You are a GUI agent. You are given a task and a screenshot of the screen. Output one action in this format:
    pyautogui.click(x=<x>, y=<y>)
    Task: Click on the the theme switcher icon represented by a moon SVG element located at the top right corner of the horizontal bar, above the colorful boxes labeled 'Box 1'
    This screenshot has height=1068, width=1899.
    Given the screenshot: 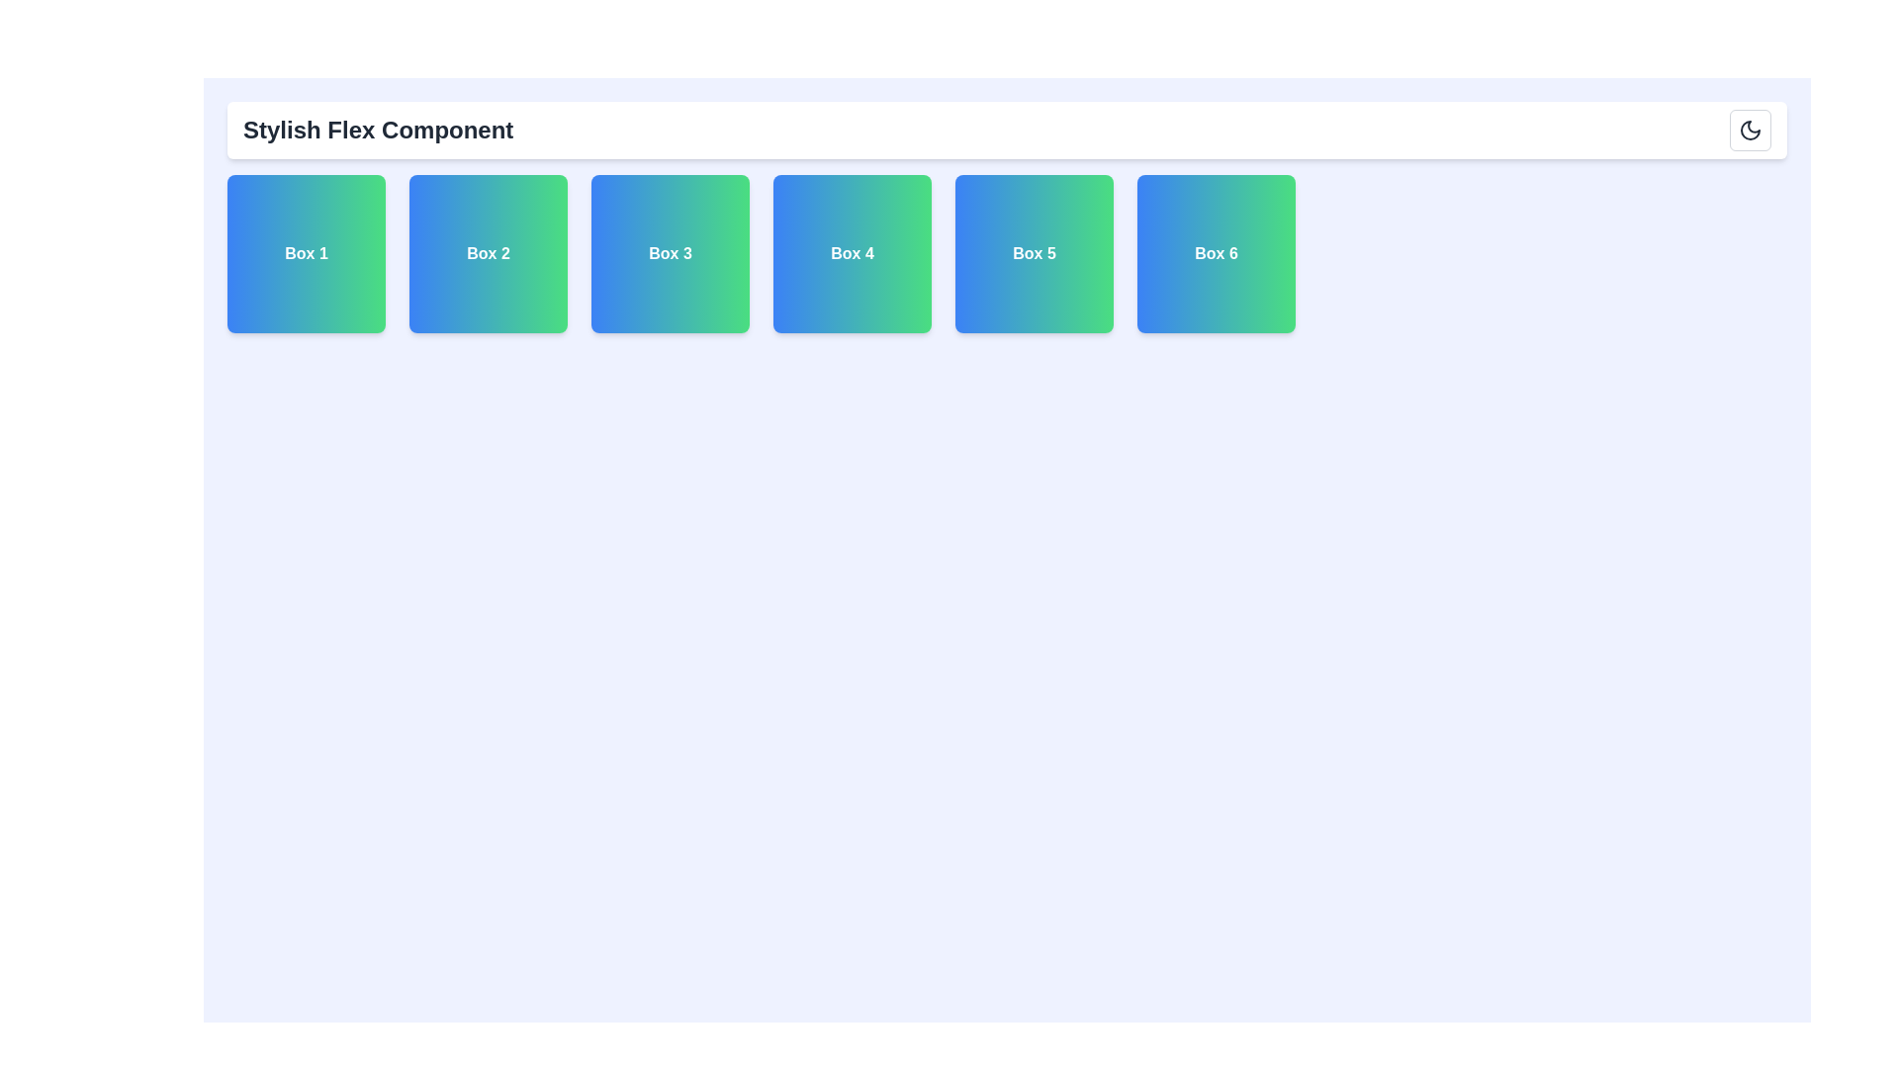 What is the action you would take?
    pyautogui.click(x=1751, y=130)
    